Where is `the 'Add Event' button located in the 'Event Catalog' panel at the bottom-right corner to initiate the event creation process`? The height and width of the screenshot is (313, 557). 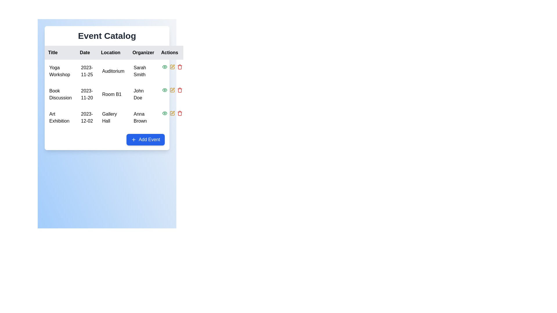
the 'Add Event' button located in the 'Event Catalog' panel at the bottom-right corner to initiate the event creation process is located at coordinates (107, 140).